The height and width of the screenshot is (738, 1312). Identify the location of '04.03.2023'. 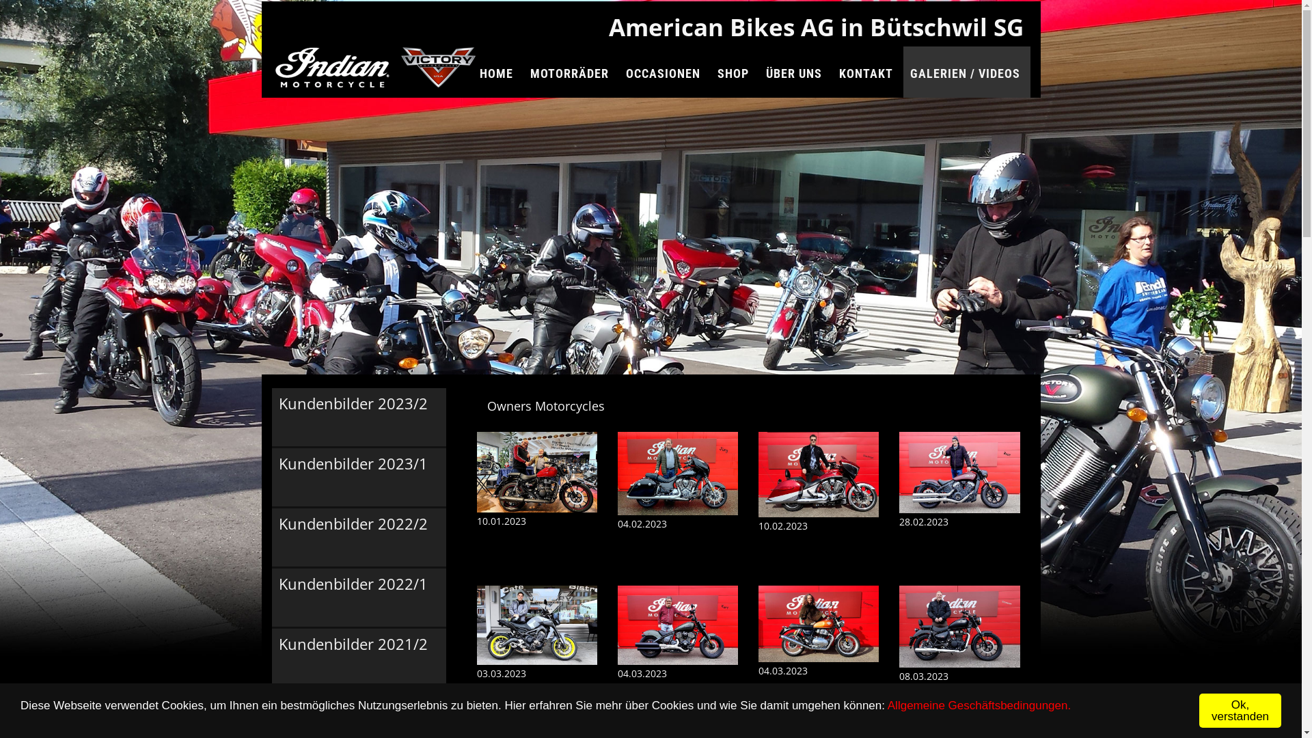
(678, 653).